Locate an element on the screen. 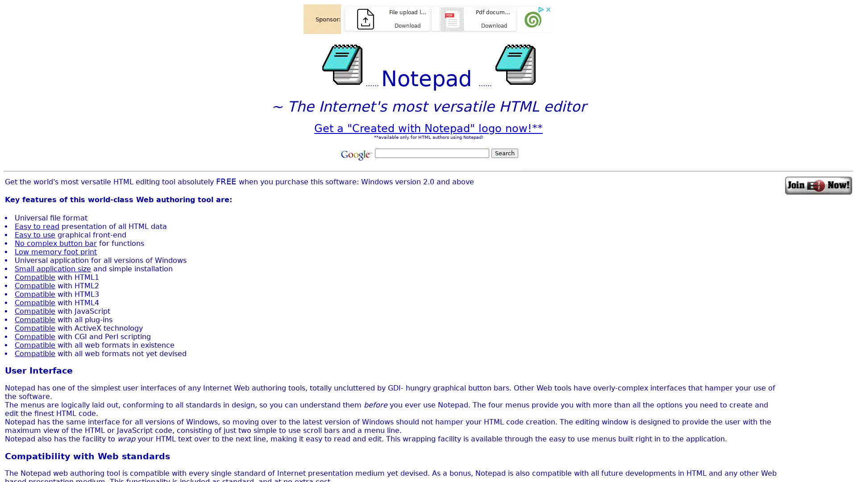  Search is located at coordinates (504, 153).